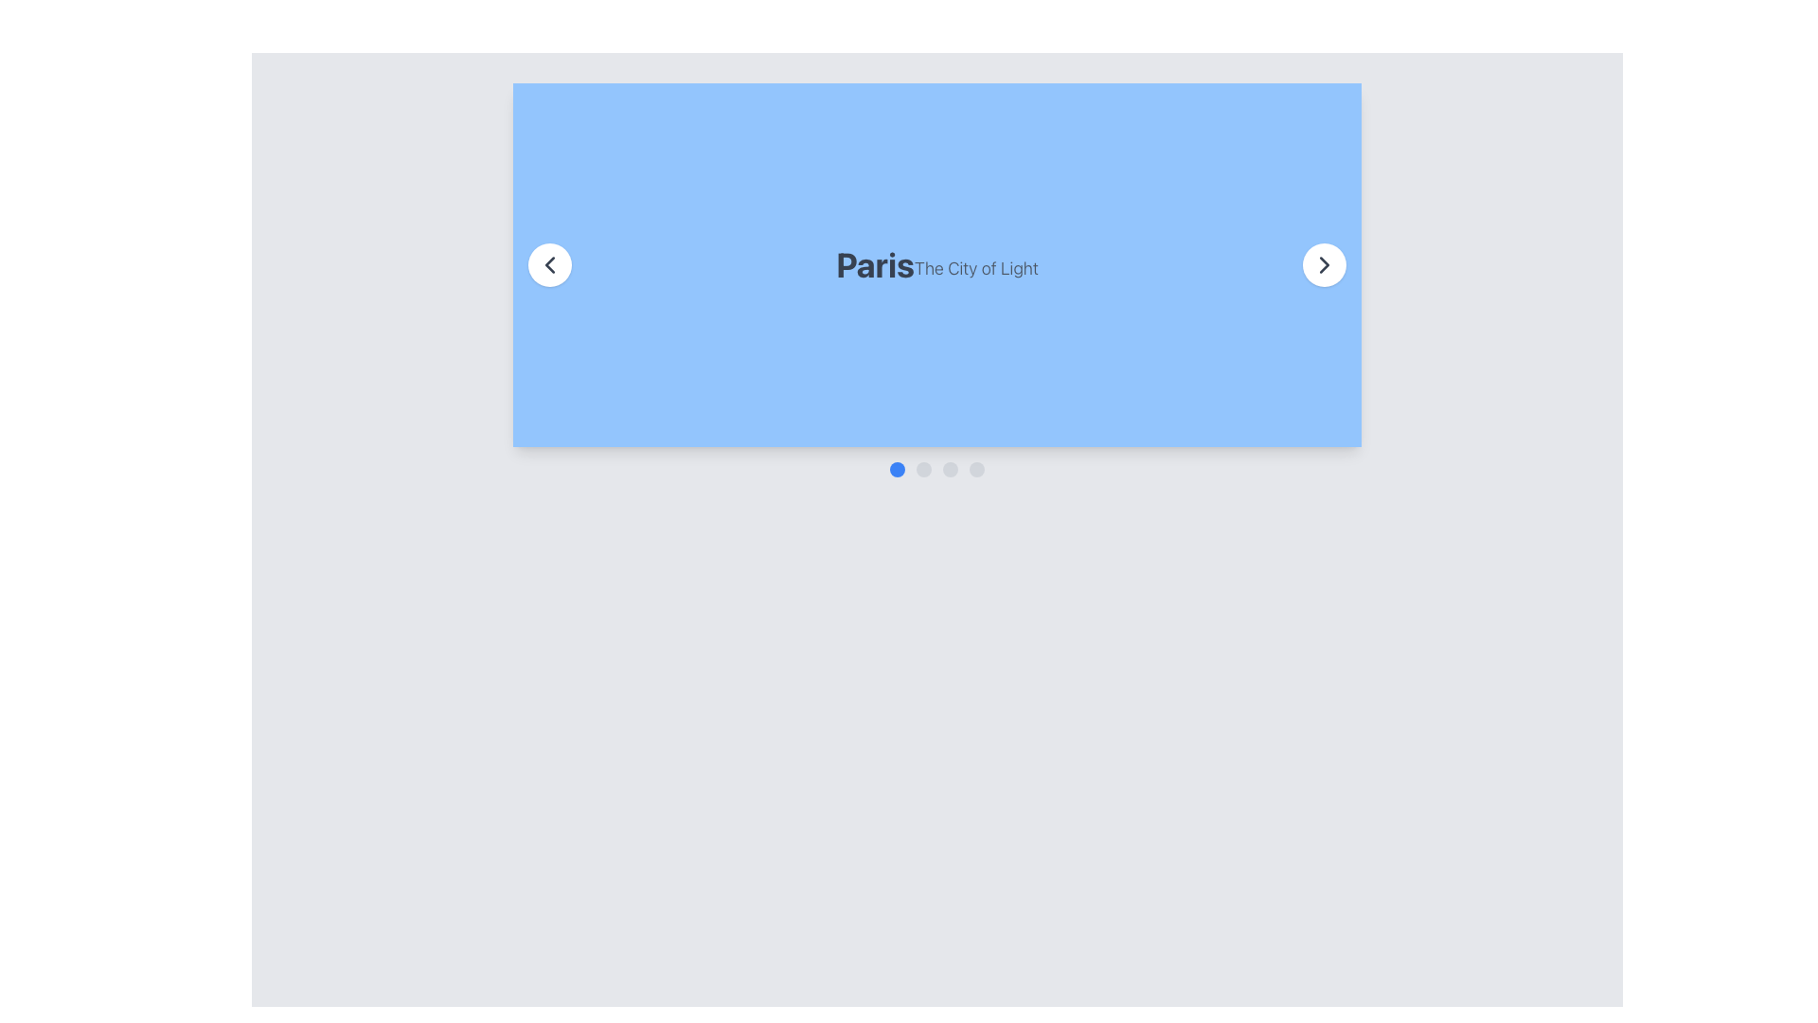 The image size is (1818, 1023). I want to click on the second navigation dot of the carousel, so click(923, 469).